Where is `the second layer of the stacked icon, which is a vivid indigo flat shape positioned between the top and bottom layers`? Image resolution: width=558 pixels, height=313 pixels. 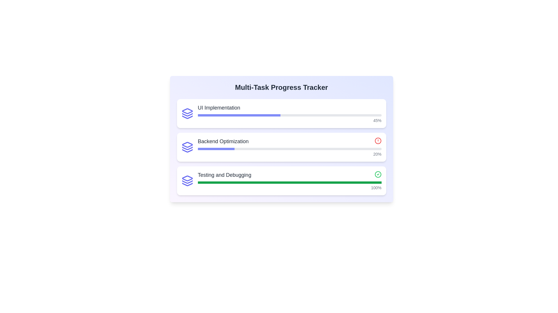
the second layer of the stacked icon, which is a vivid indigo flat shape positioned between the top and bottom layers is located at coordinates (187, 148).